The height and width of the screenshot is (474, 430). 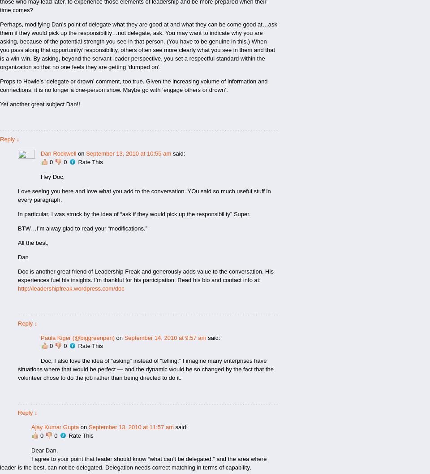 What do you see at coordinates (17, 213) in the screenshot?
I see `'In particular, I was struck by the idea of “ask if they would pick up the responsibility” Super.'` at bounding box center [17, 213].